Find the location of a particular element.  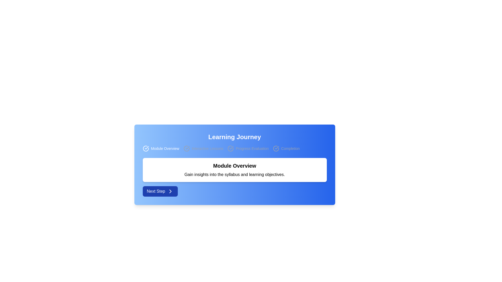

the 'Progress Evaluation' text with icon, which indicates the current phase of the progress tracker in the learning interface is located at coordinates (248, 149).